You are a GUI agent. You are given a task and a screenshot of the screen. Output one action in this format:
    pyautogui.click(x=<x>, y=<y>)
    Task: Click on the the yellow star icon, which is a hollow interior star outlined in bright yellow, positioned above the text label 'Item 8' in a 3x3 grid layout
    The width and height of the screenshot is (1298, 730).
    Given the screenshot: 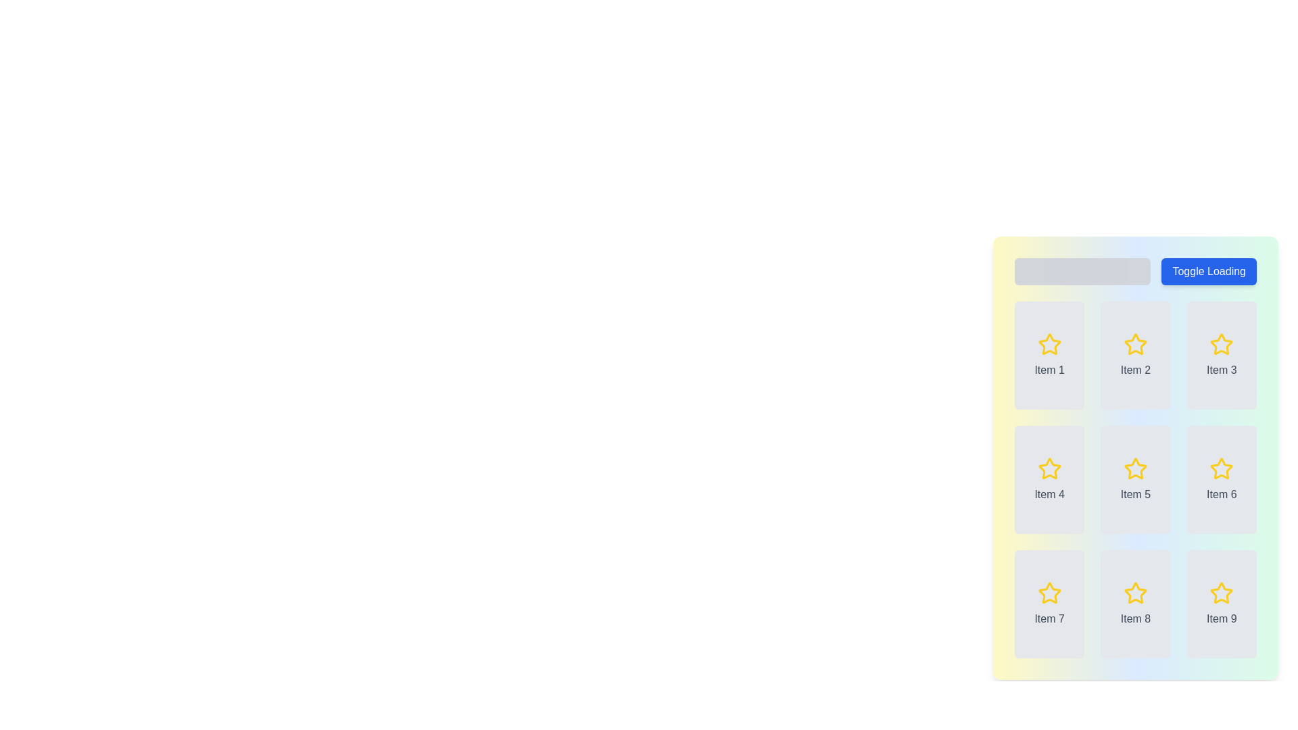 What is the action you would take?
    pyautogui.click(x=1136, y=593)
    